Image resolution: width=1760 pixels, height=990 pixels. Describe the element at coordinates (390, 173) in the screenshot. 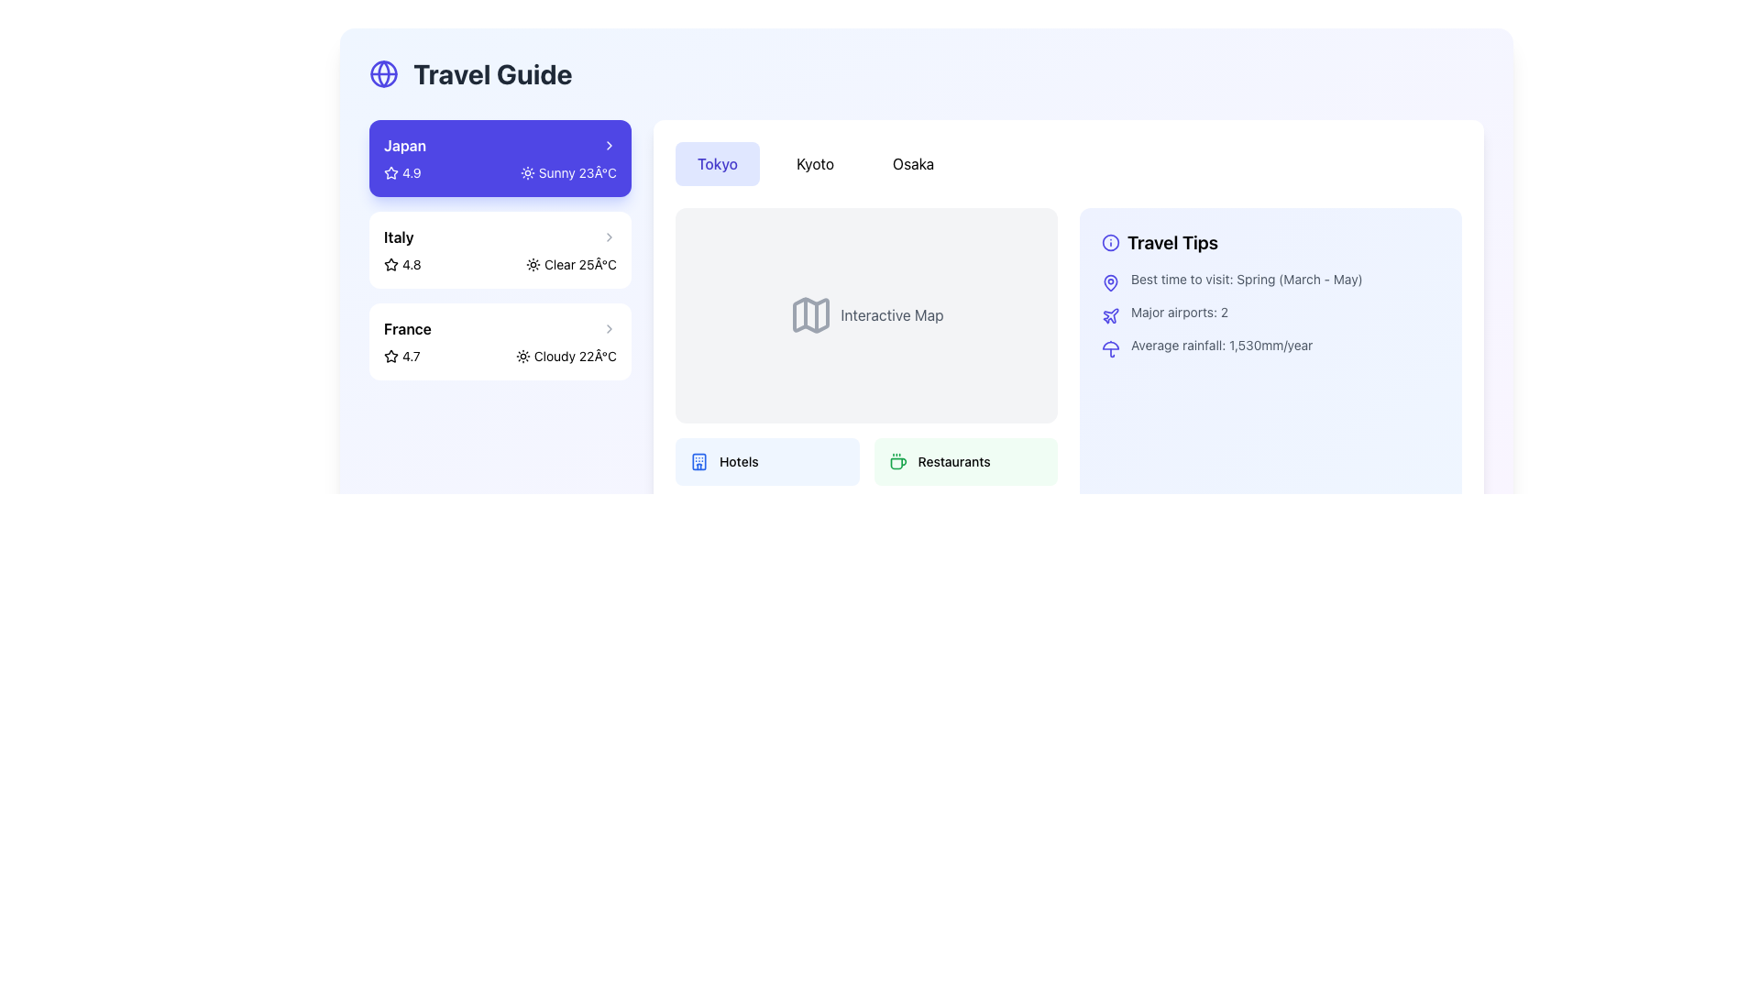

I see `the star icon in the Japan section that indicates a rating of 4.9` at that location.